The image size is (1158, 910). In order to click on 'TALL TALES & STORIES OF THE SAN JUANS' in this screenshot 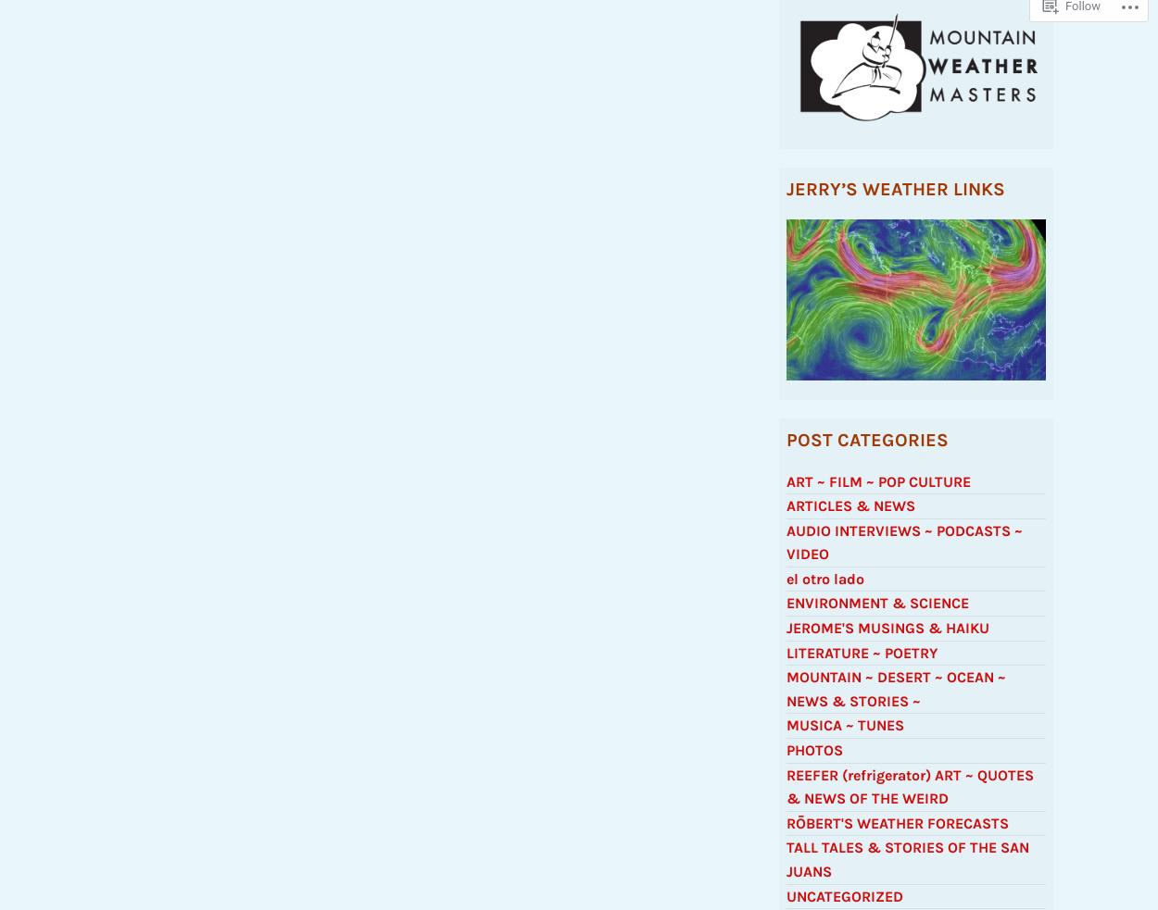, I will do `click(907, 867)`.